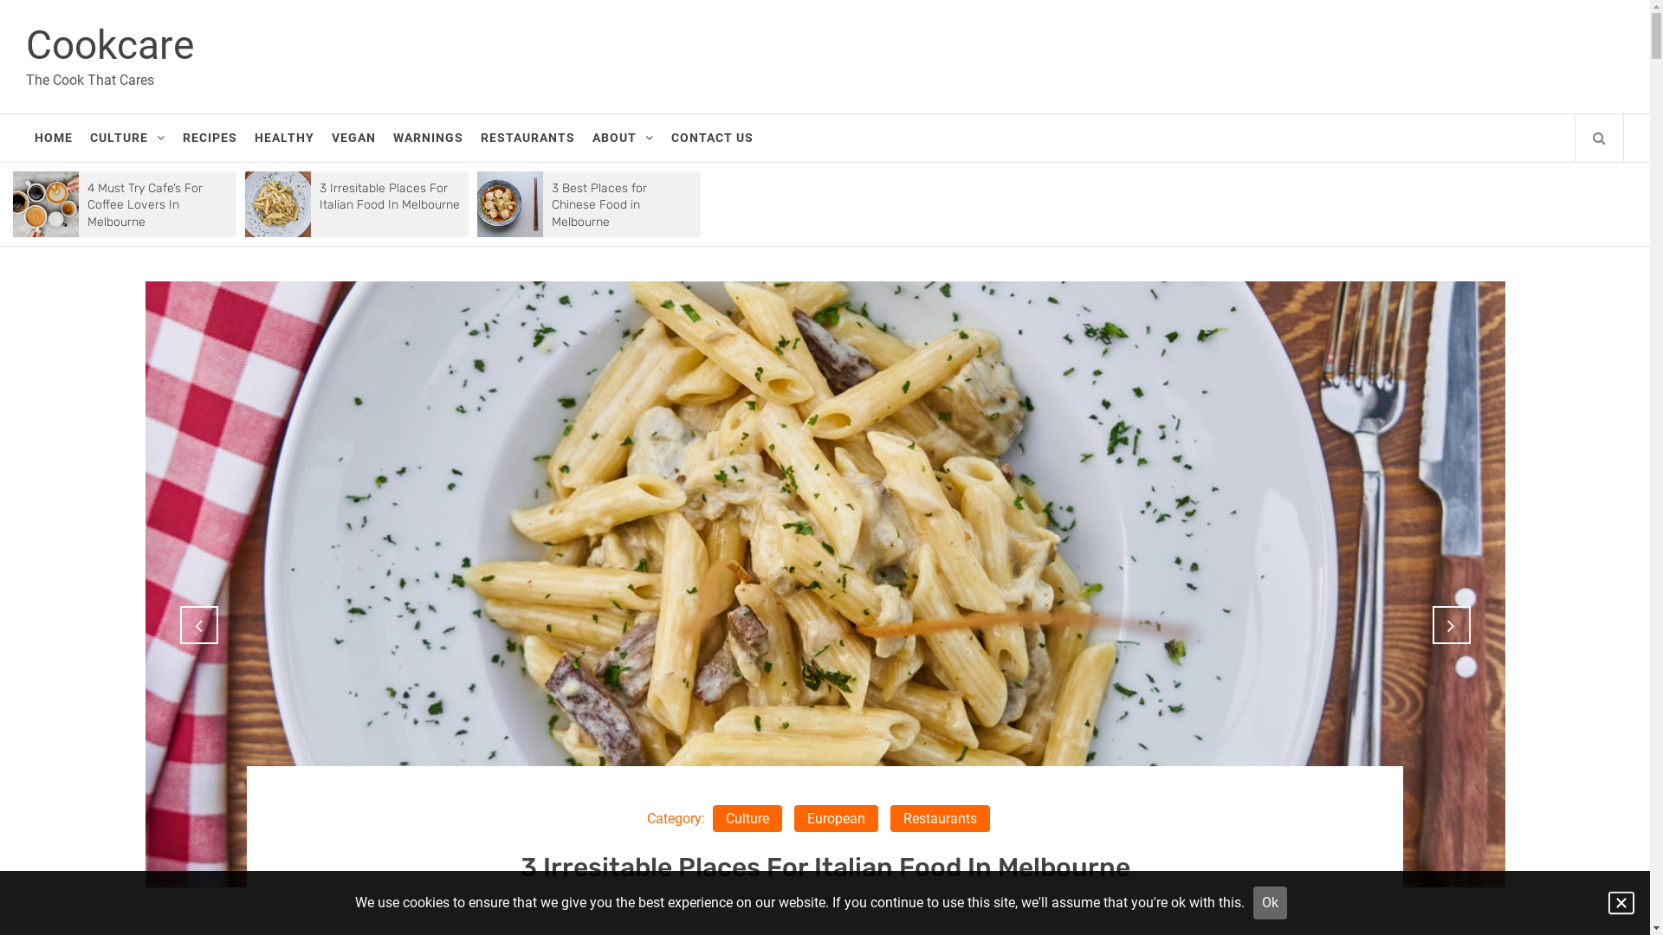  I want to click on 'Cookcare', so click(108, 43).